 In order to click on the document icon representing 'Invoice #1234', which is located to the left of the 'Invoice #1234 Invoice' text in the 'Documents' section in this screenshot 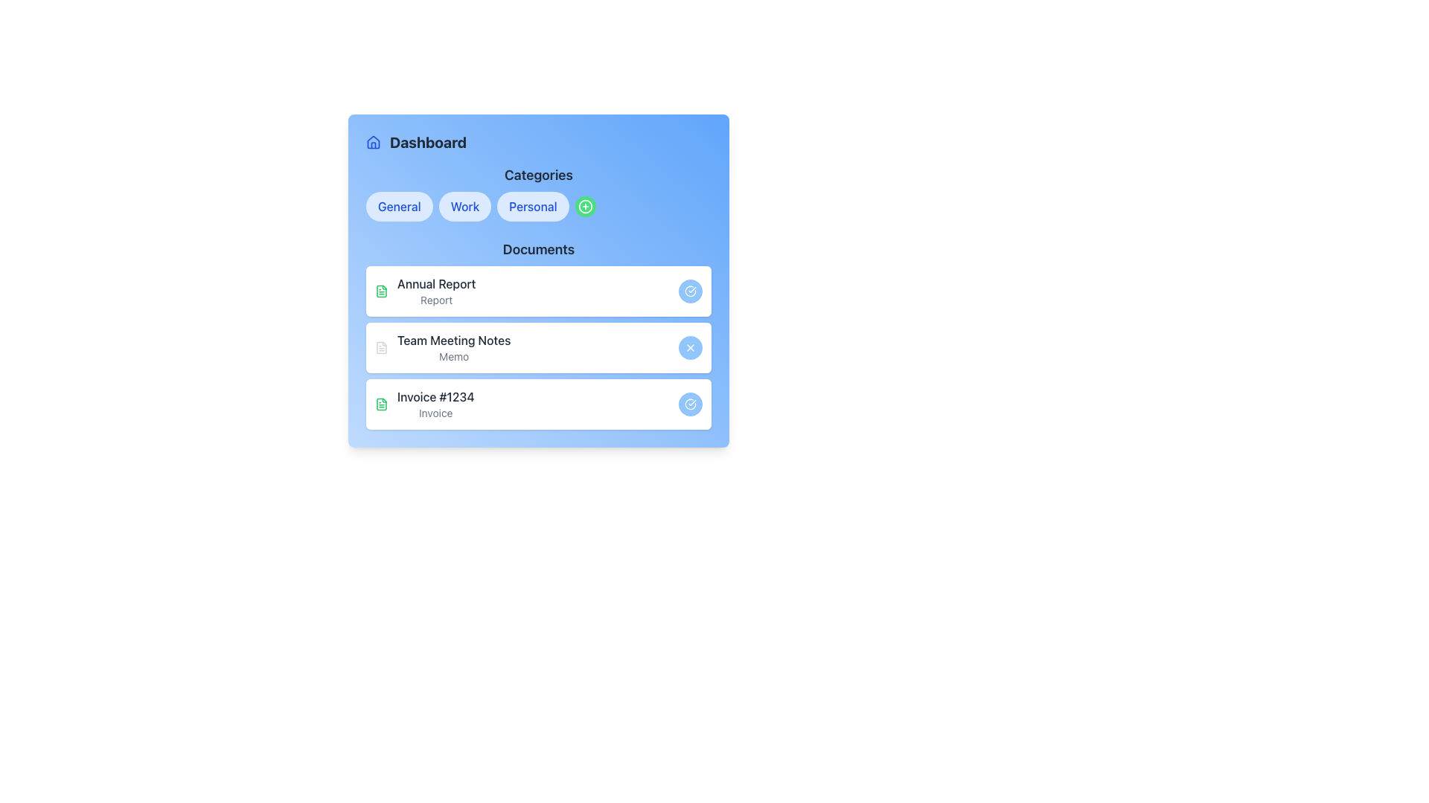, I will do `click(382, 404)`.